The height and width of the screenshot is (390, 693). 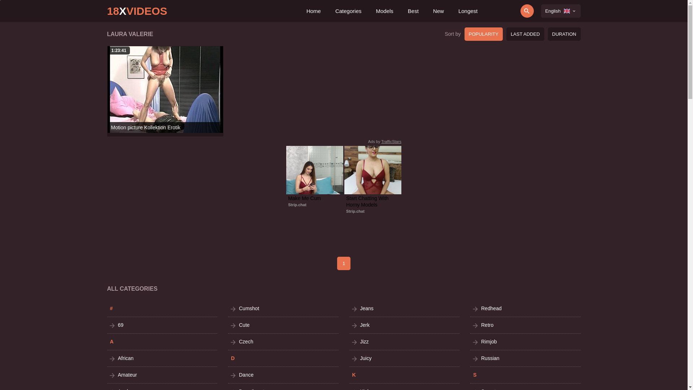 I want to click on 'Cute', so click(x=283, y=325).